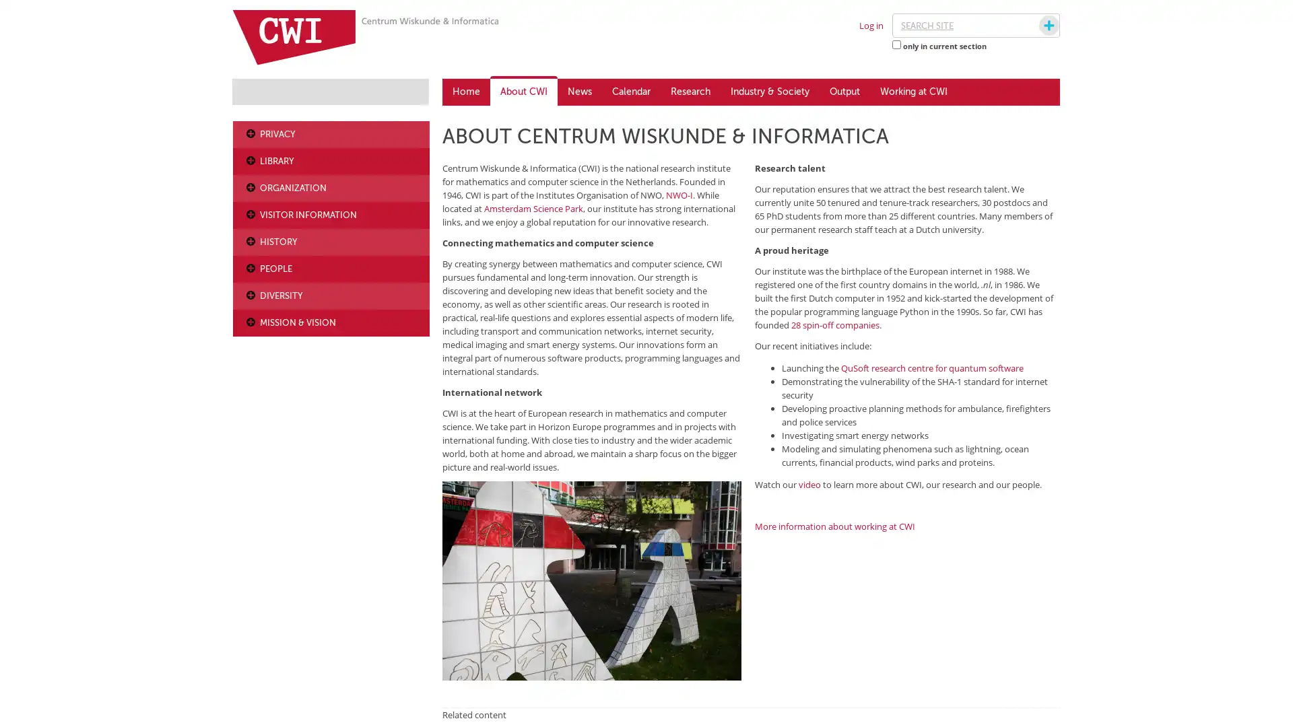 The image size is (1293, 727). I want to click on Search, so click(1036, 26).